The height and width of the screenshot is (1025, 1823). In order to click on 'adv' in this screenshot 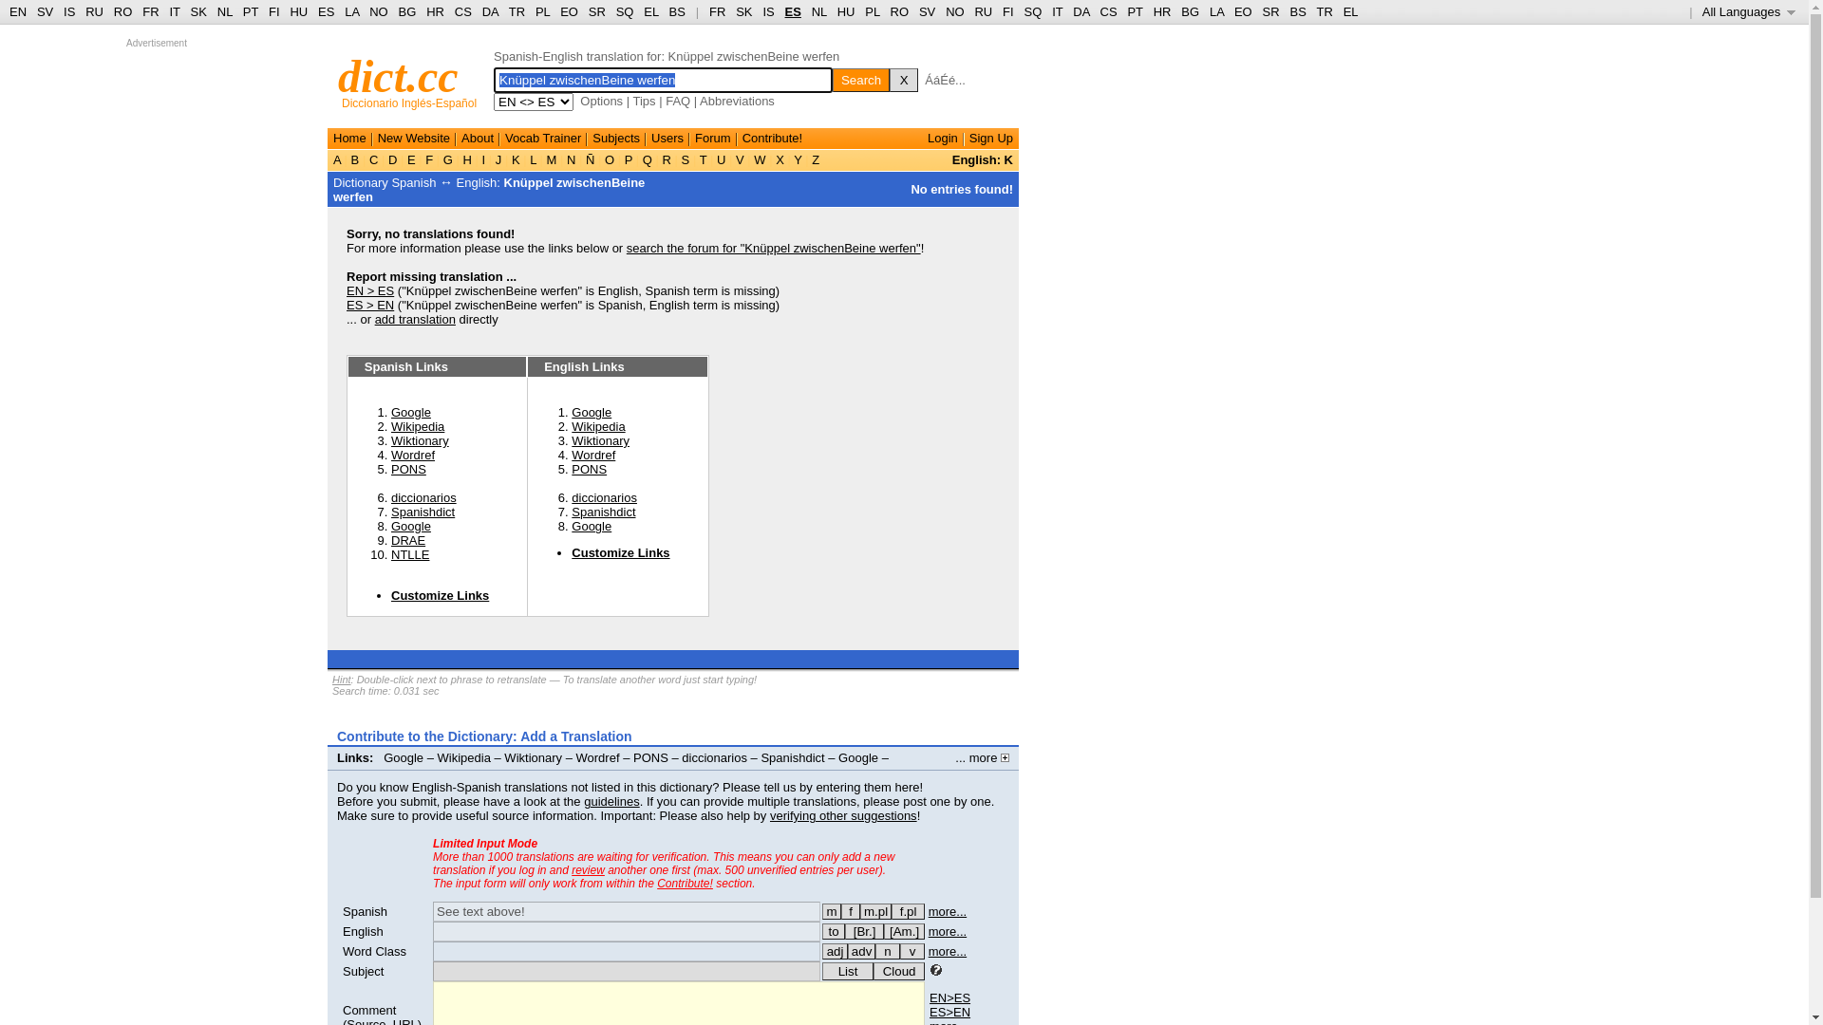, I will do `click(860, 951)`.